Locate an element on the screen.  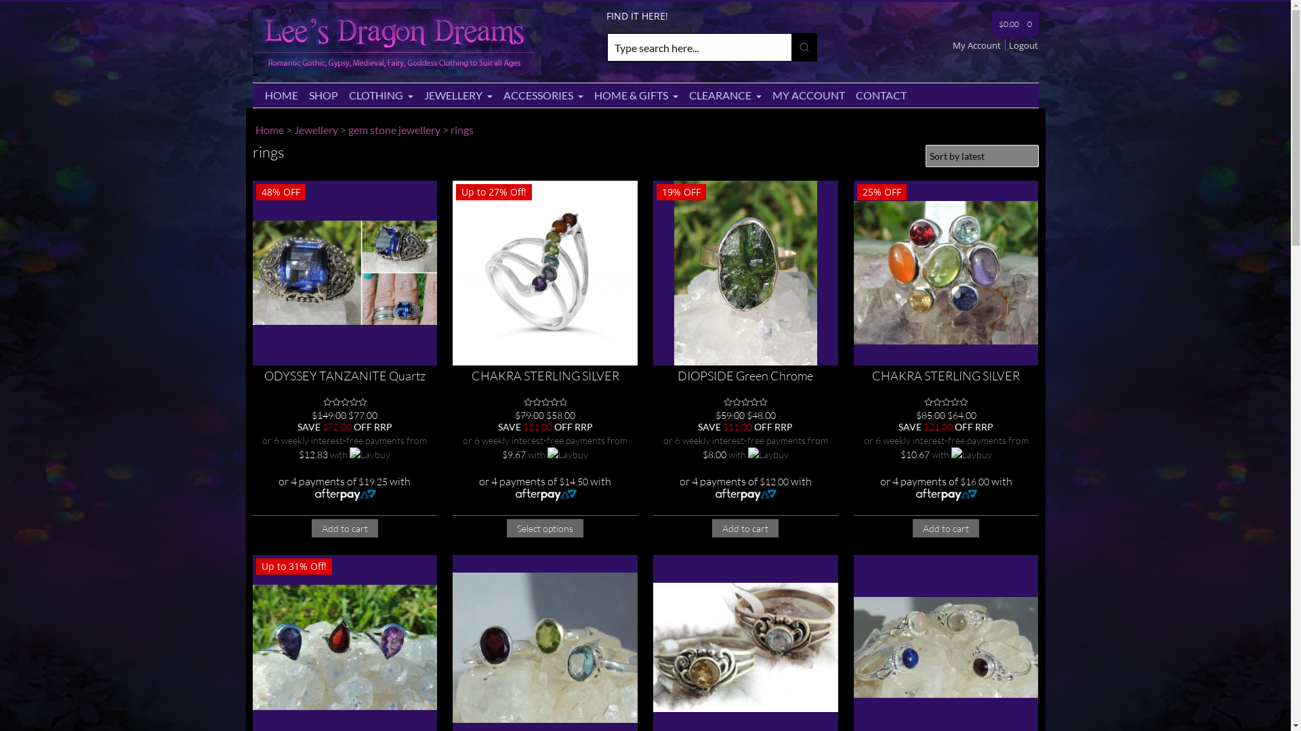
'Logout' is located at coordinates (1023, 44).